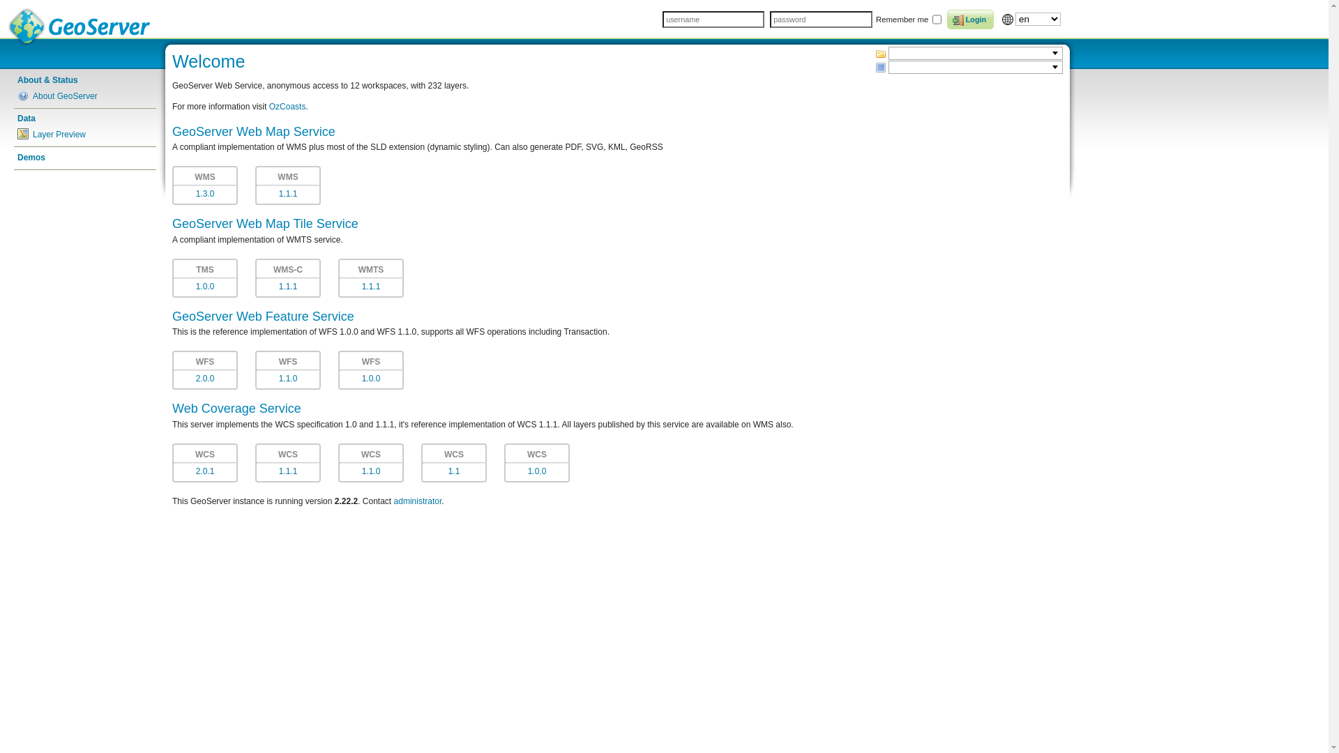 The width and height of the screenshot is (1339, 753). What do you see at coordinates (970, 19) in the screenshot?
I see `'Login'` at bounding box center [970, 19].